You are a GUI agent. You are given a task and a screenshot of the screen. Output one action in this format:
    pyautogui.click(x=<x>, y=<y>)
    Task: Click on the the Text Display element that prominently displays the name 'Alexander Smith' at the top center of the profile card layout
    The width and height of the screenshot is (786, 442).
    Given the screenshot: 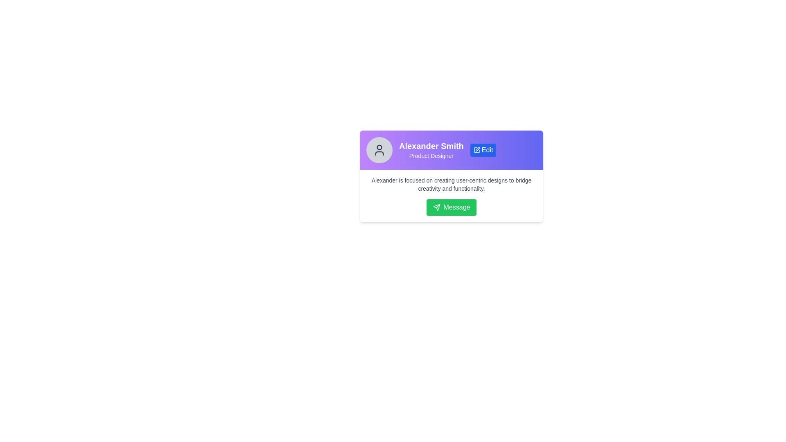 What is the action you would take?
    pyautogui.click(x=431, y=146)
    